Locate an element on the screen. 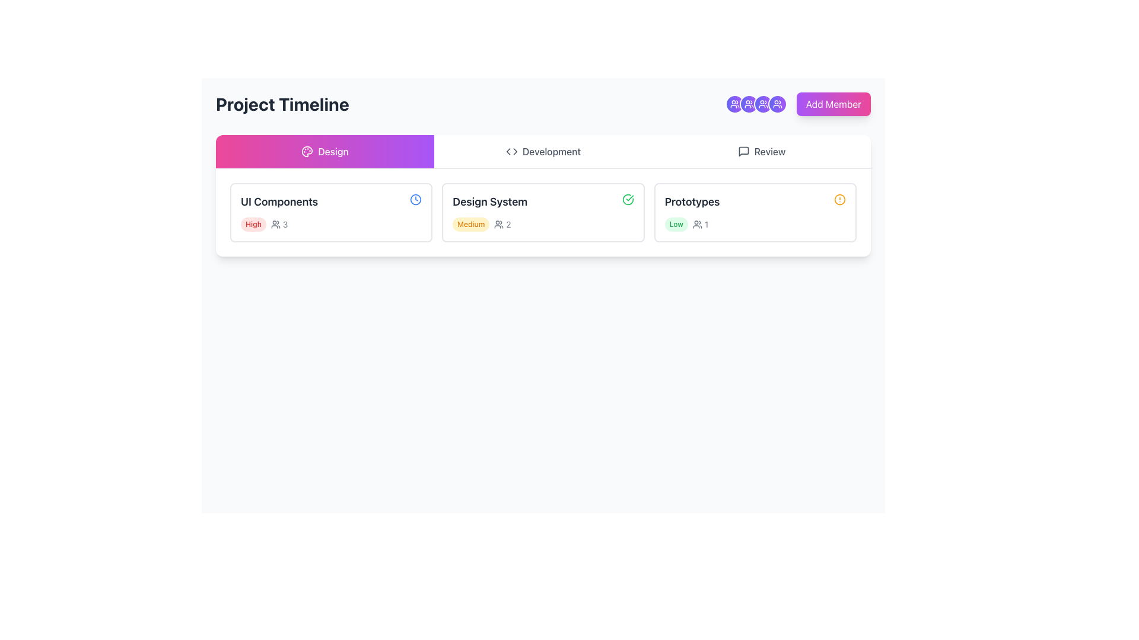 The image size is (1139, 640). the 'Low' status label located in the 'Prototypes' section, which indicates the priority level of the associated section is located at coordinates (676, 224).